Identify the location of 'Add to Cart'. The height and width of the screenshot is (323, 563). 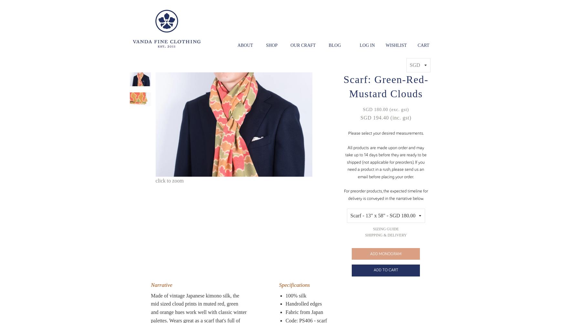
(385, 270).